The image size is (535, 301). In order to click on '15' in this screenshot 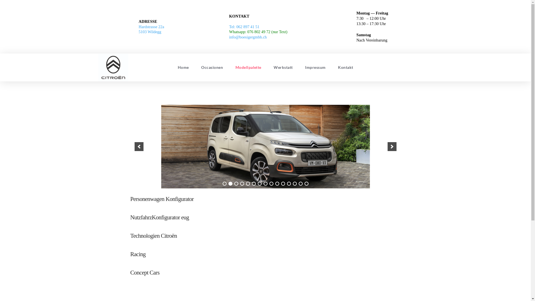, I will do `click(306, 184)`.